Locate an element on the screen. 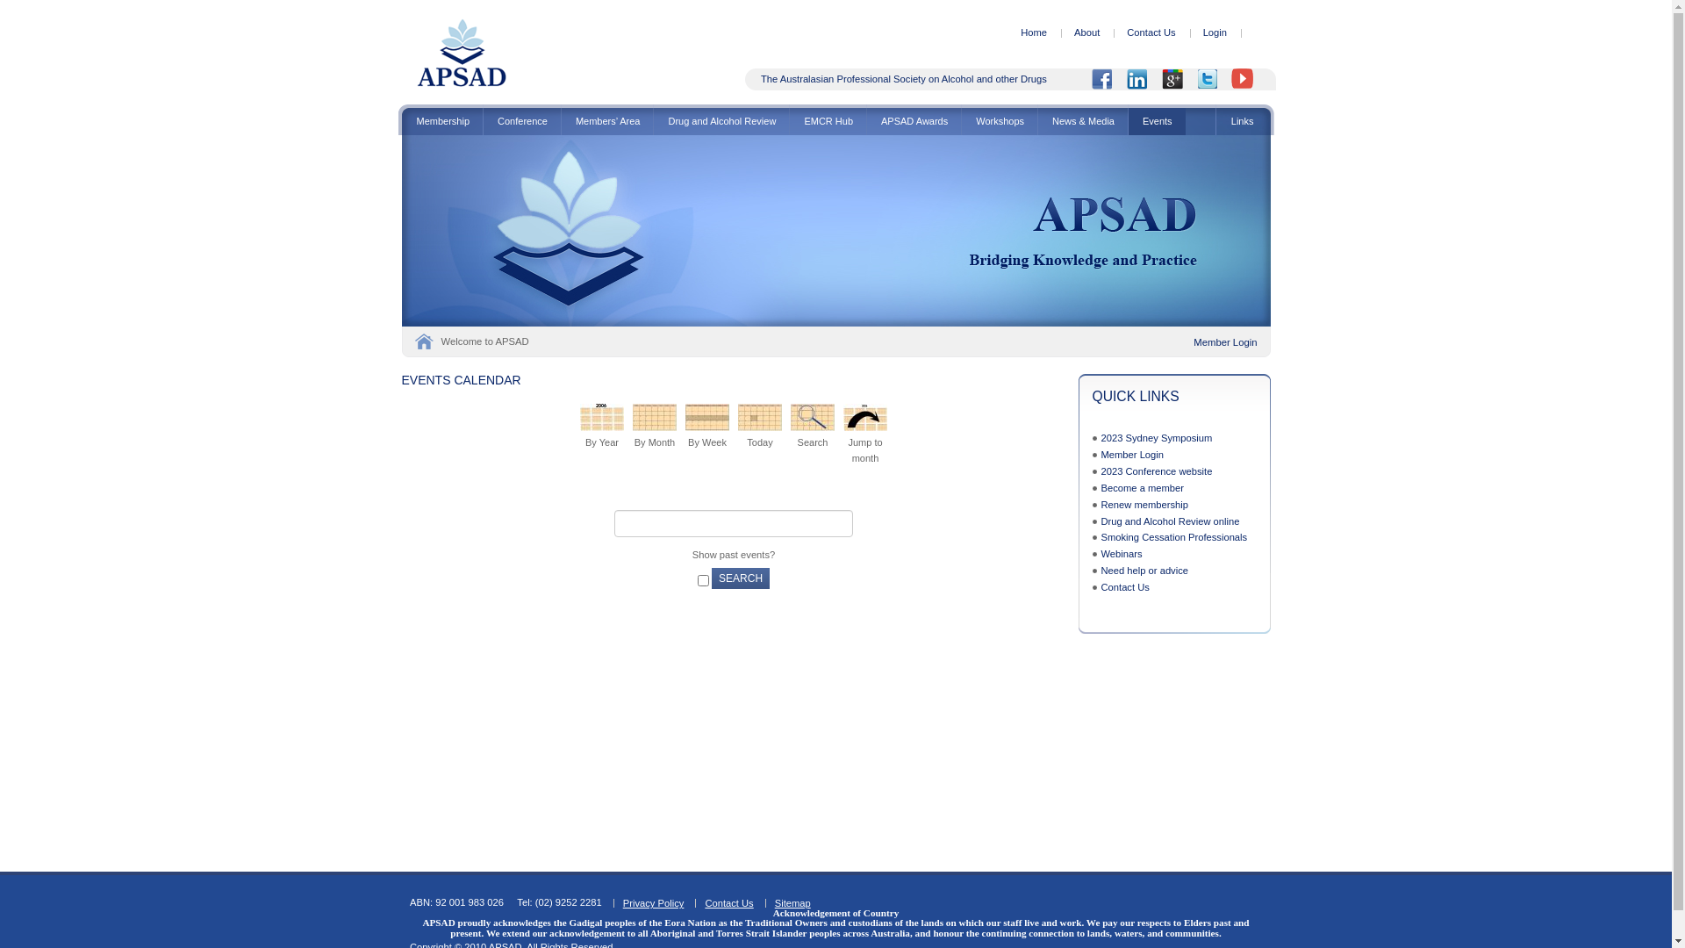 This screenshot has height=948, width=1685. 'EMCR Hub' is located at coordinates (827, 120).